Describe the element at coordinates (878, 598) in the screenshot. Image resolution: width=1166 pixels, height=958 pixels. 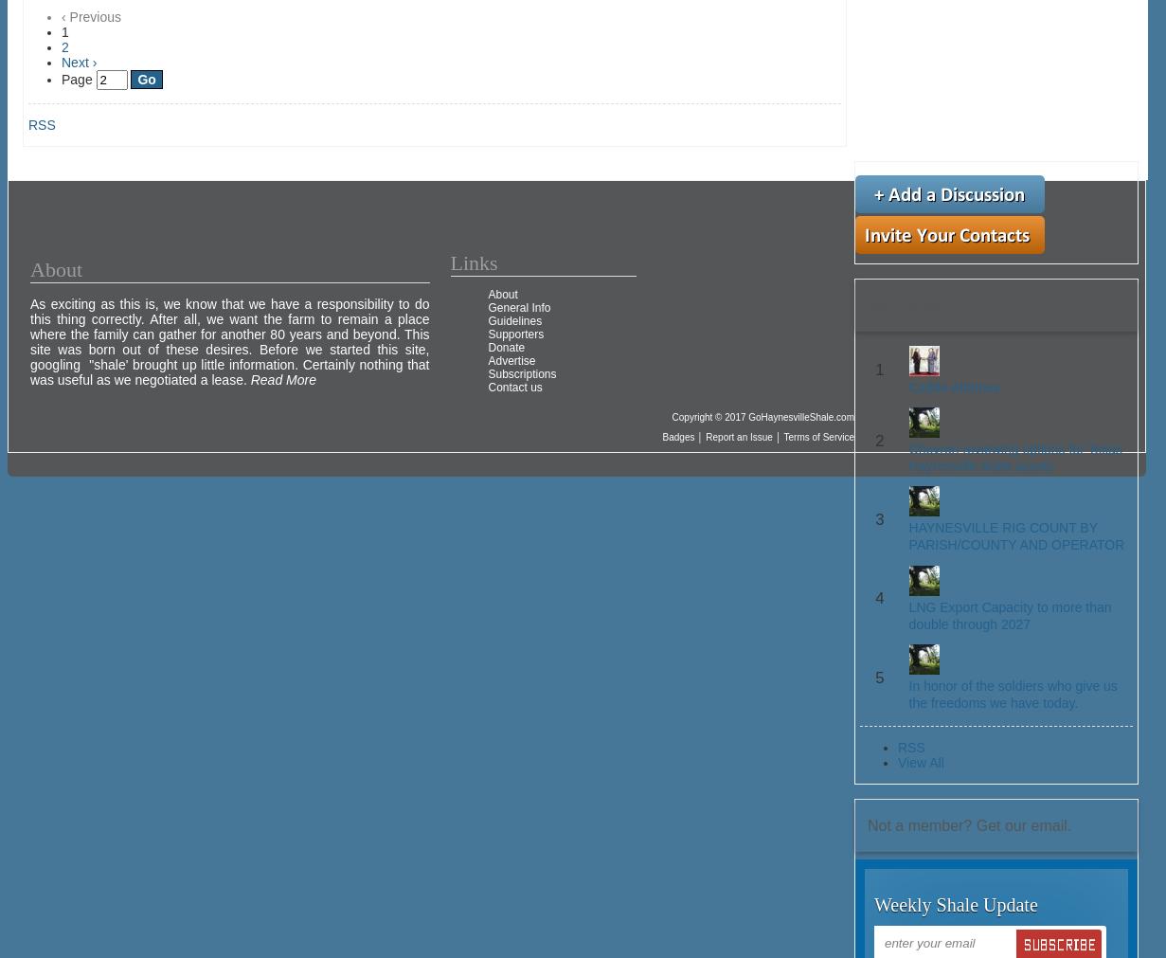
I see `'4'` at that location.